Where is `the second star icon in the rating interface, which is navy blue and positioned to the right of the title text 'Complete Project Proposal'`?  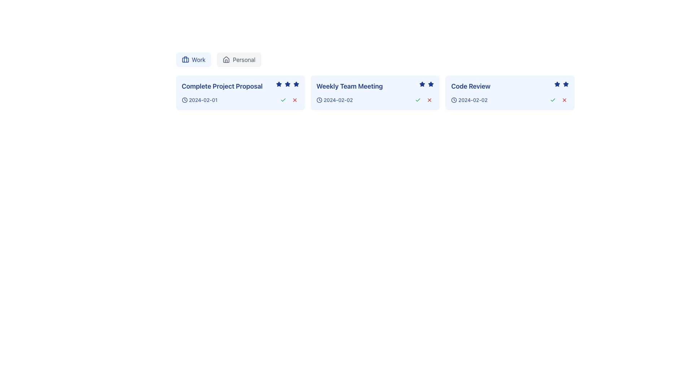 the second star icon in the rating interface, which is navy blue and positioned to the right of the title text 'Complete Project Proposal' is located at coordinates (287, 84).